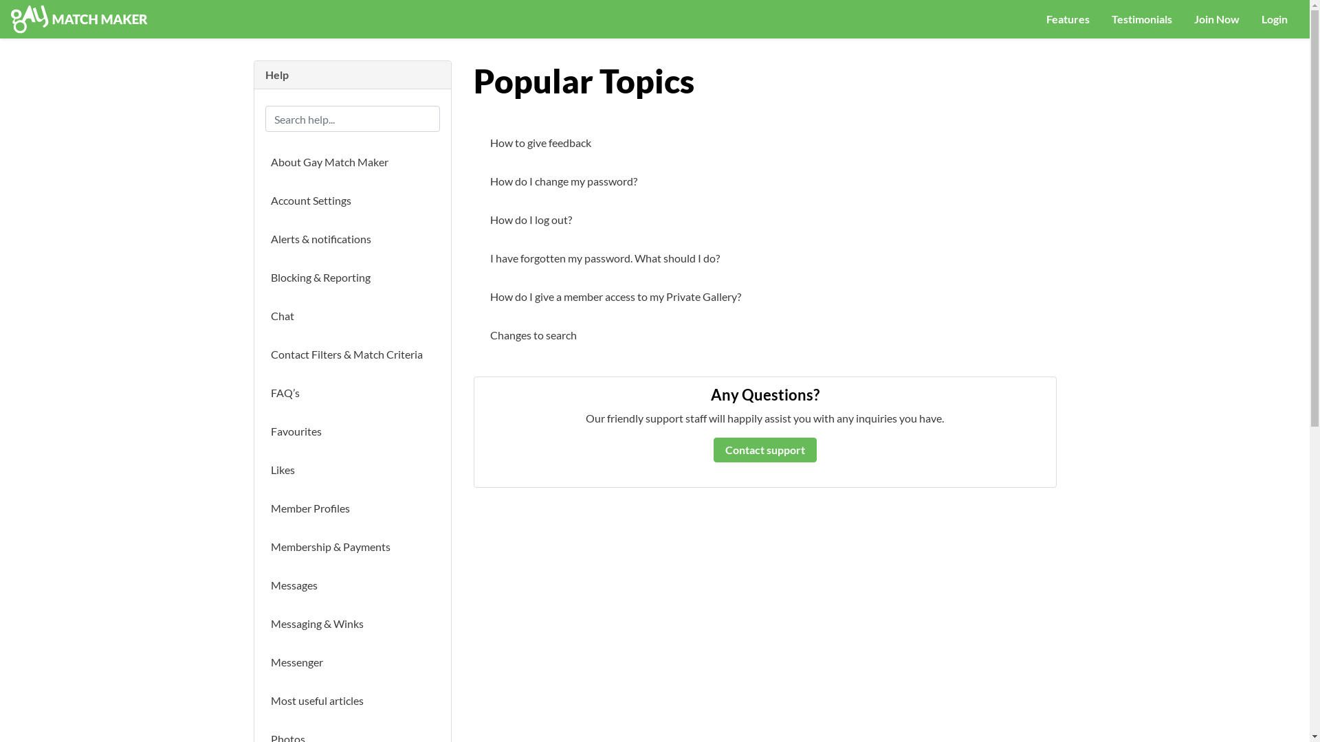  What do you see at coordinates (353, 662) in the screenshot?
I see `'Messenger'` at bounding box center [353, 662].